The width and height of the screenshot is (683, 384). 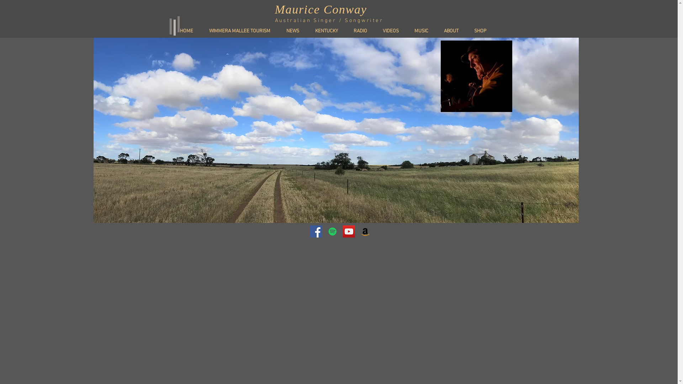 I want to click on 'ABOUT', so click(x=454, y=31).